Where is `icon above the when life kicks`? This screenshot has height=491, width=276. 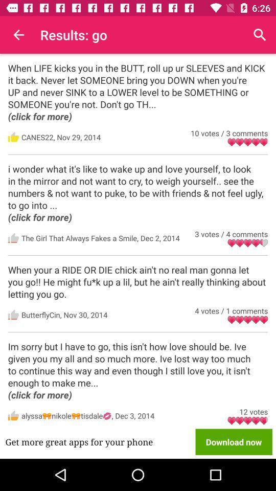
icon above the when life kicks is located at coordinates (18, 35).